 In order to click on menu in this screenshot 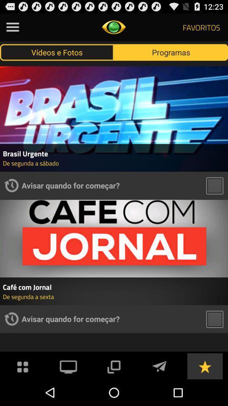, I will do `click(12, 27)`.